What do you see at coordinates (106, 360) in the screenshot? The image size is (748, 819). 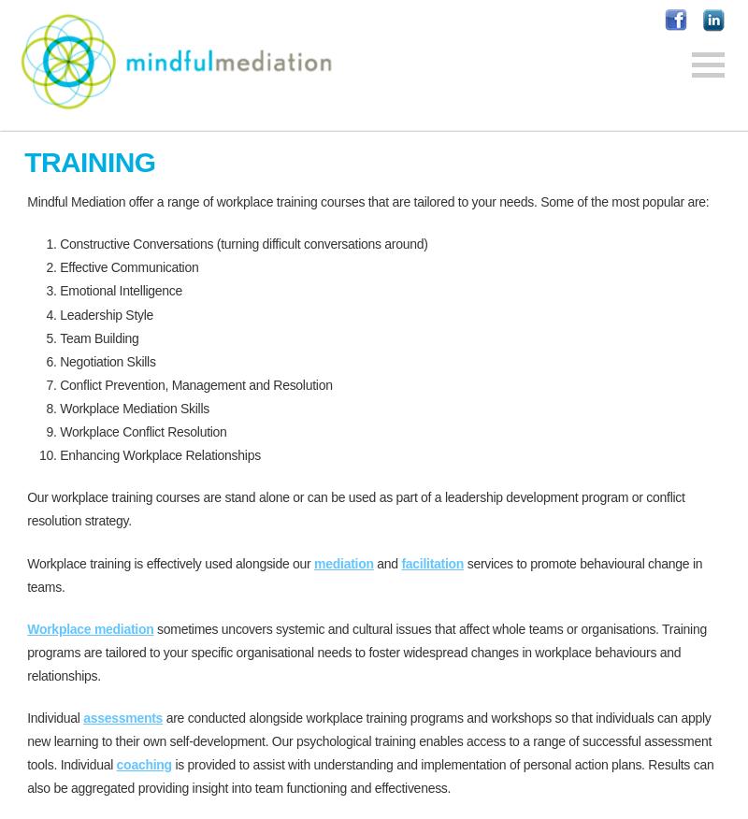 I see `'Negotiation Skills'` at bounding box center [106, 360].